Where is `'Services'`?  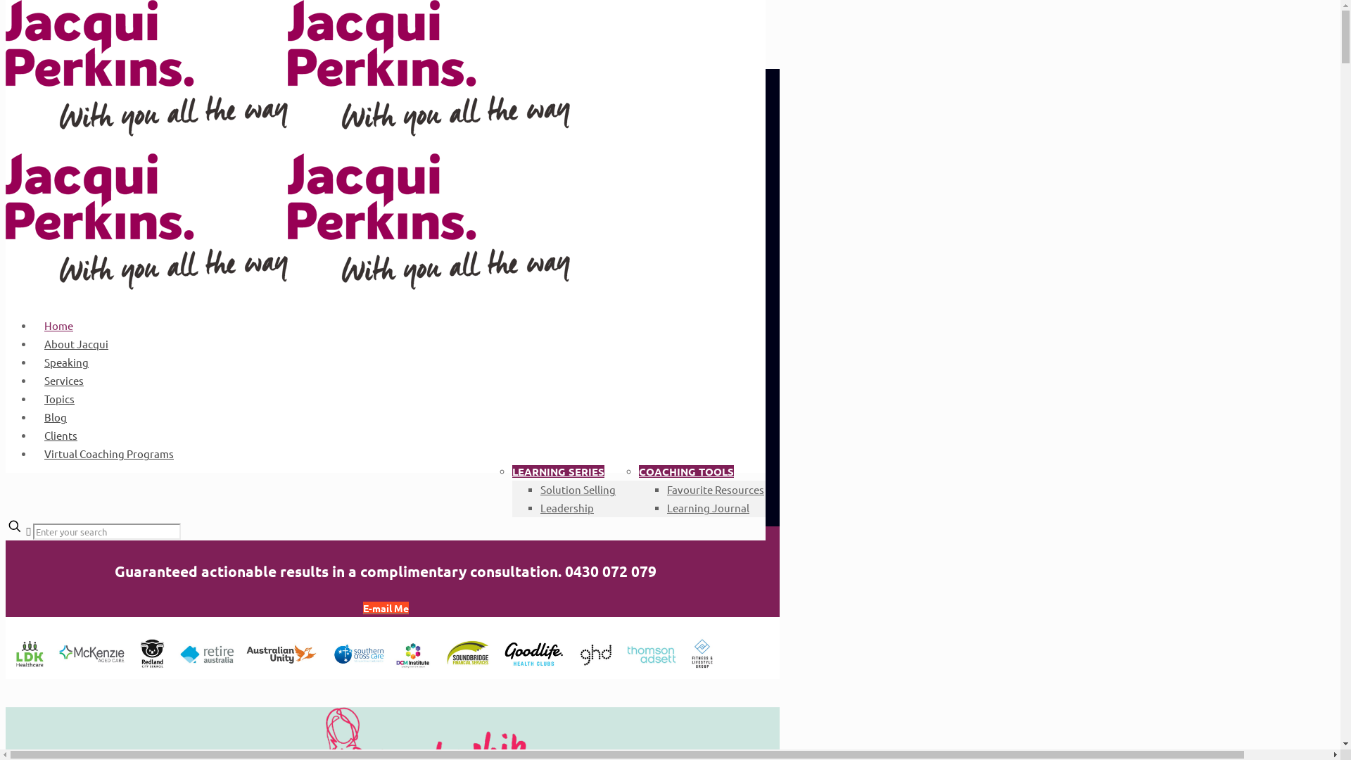
'Services' is located at coordinates (63, 380).